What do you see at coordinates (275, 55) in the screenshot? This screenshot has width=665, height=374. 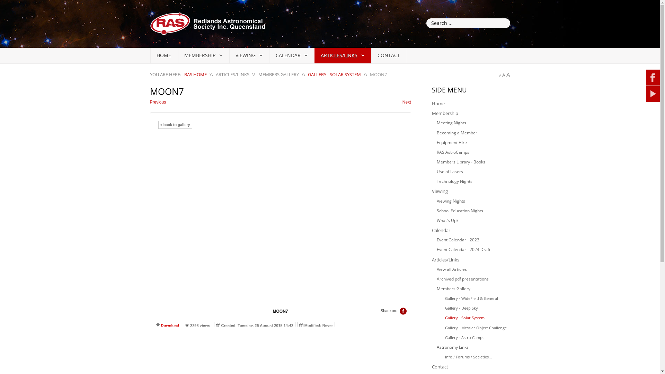 I see `'CALENDAR'` at bounding box center [275, 55].